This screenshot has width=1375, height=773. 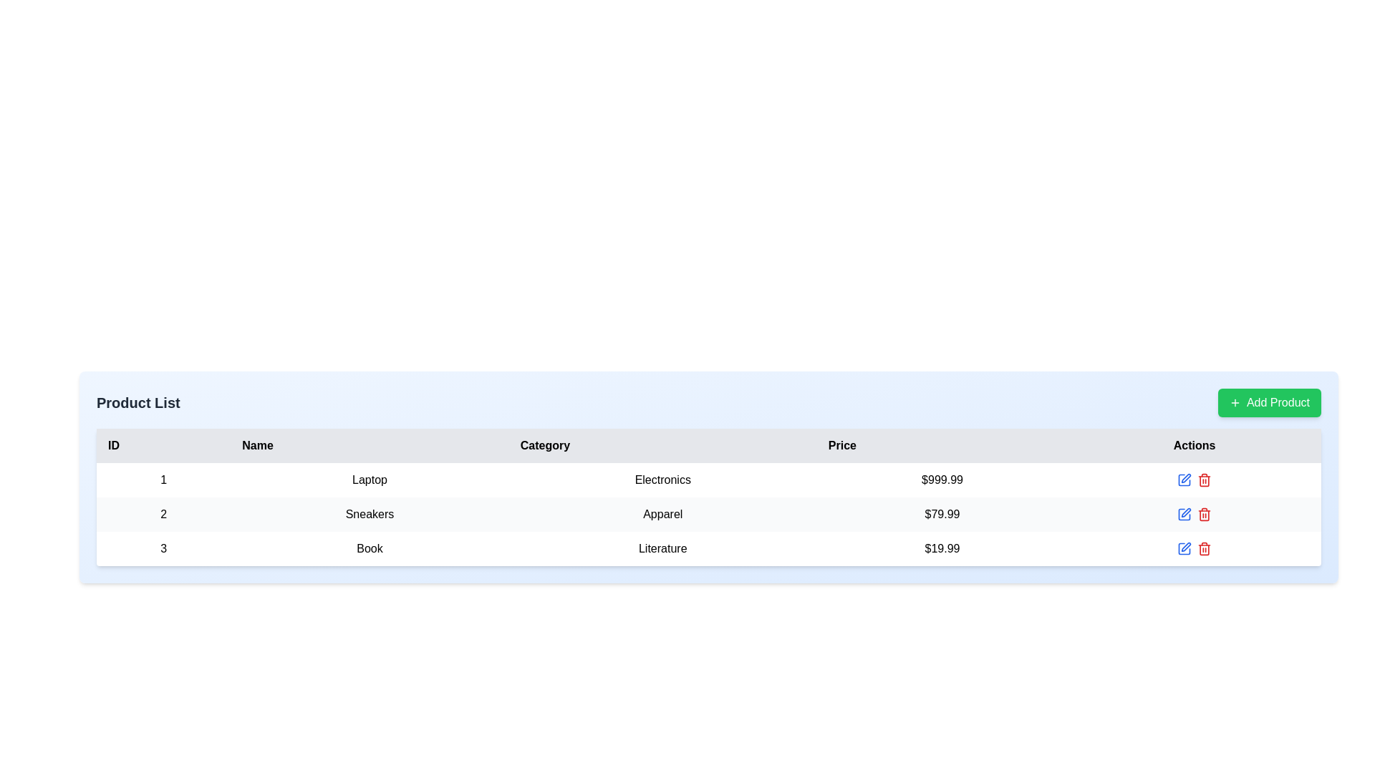 What do you see at coordinates (1204, 480) in the screenshot?
I see `the trash can icon in the 'Actions' column of the table` at bounding box center [1204, 480].